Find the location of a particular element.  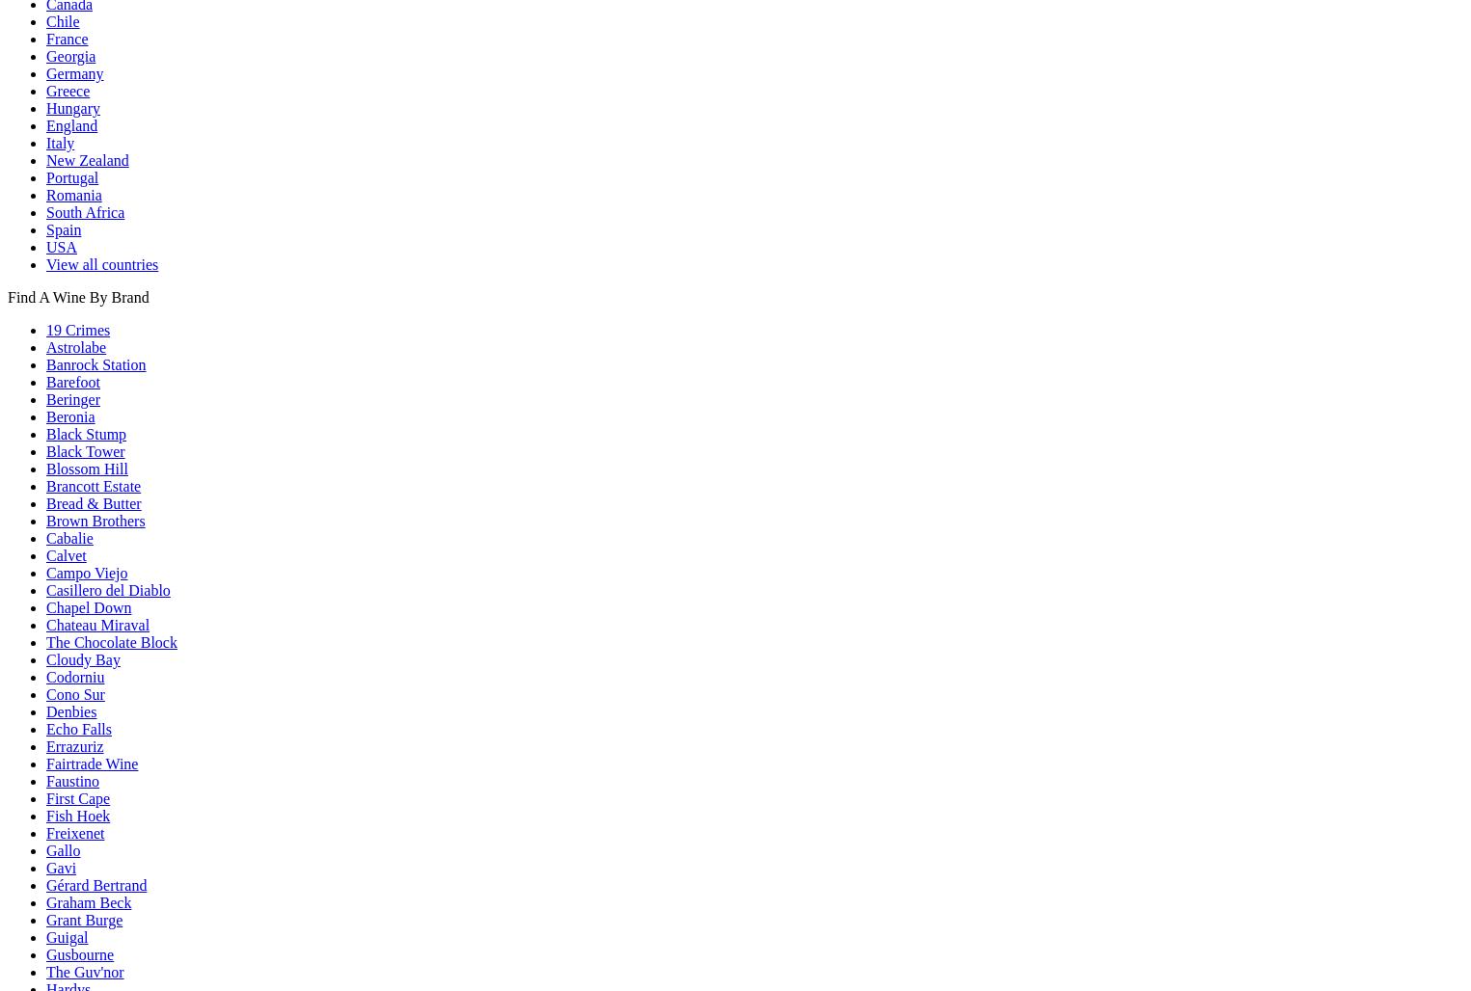

'Chile' is located at coordinates (62, 20).